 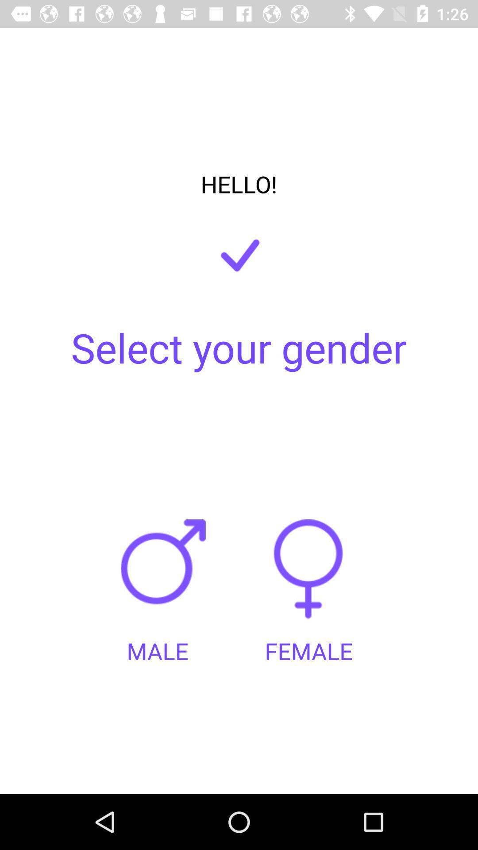 I want to click on the icon above the male item, so click(x=166, y=577).